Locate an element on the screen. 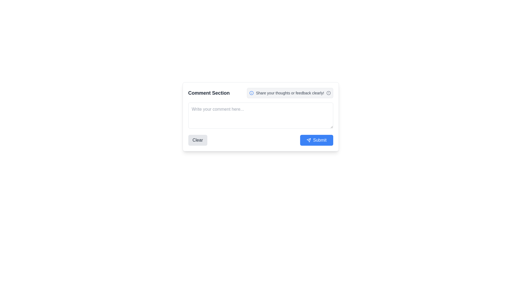  the Text Label that serves as the title for the comment input section, located at the top-left of the feedback card, above the comment input box is located at coordinates (209, 93).